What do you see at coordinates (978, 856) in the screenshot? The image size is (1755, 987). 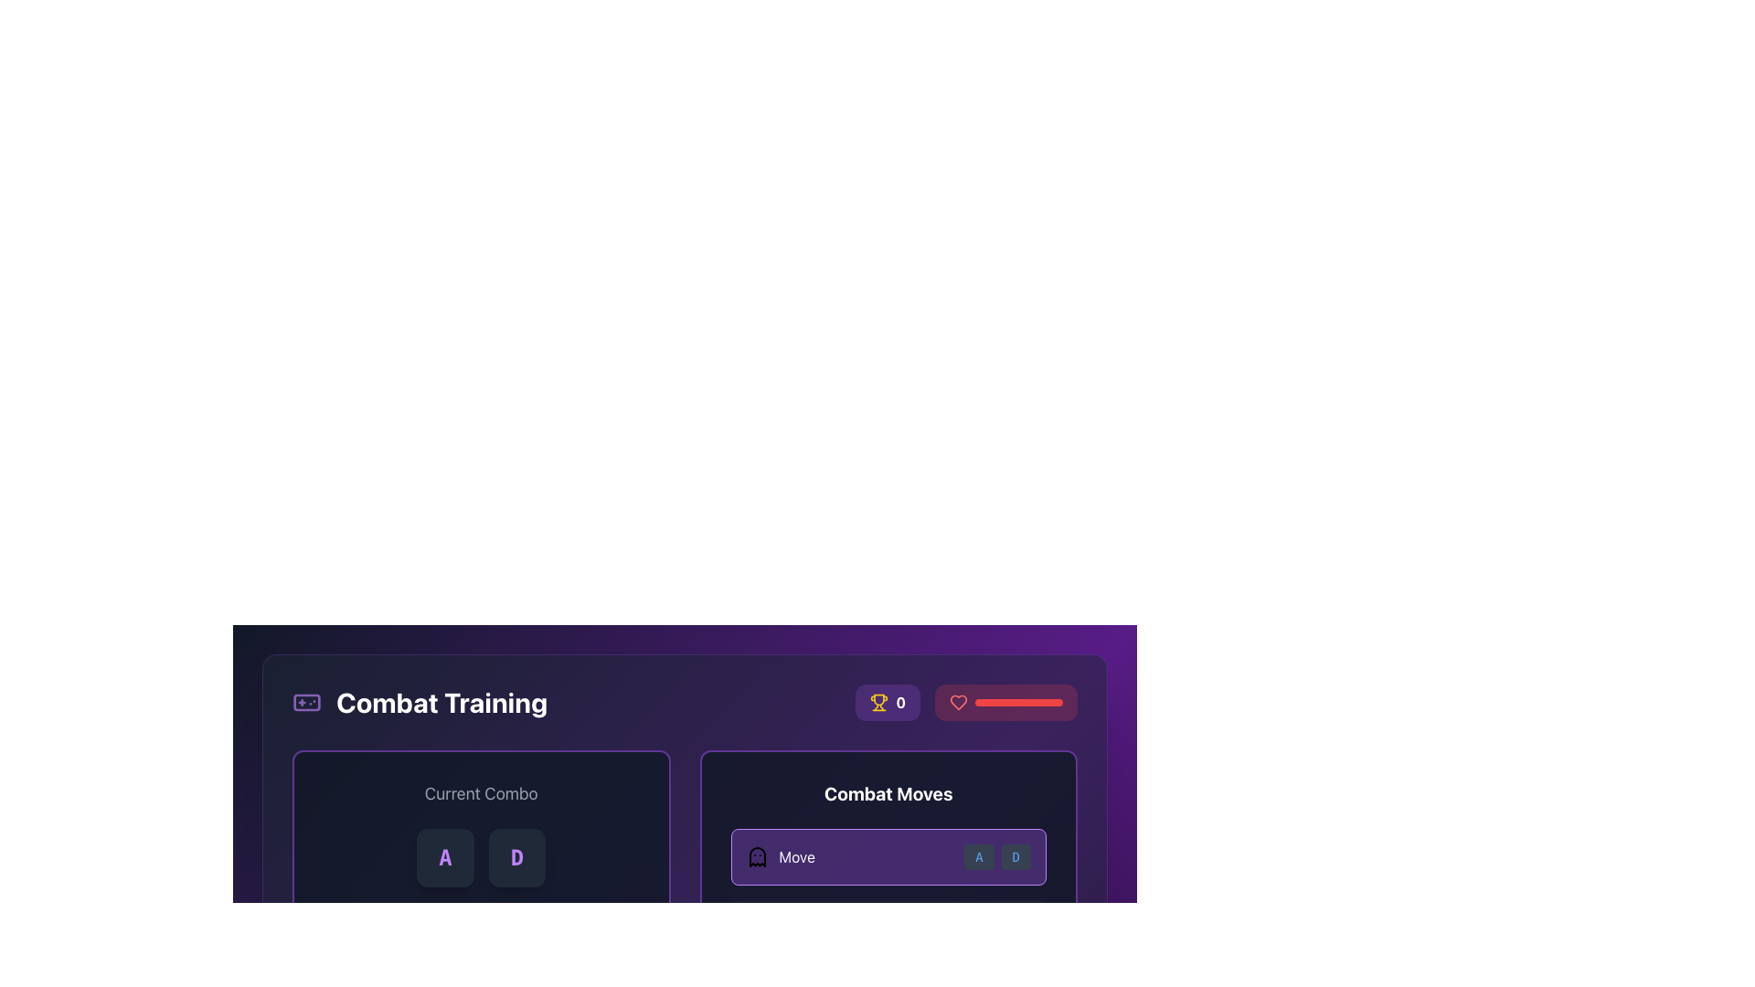 I see `the first button-like label in the 'Combat Moves' section, which indicates key bindings related to the 'Move' feature` at bounding box center [978, 856].